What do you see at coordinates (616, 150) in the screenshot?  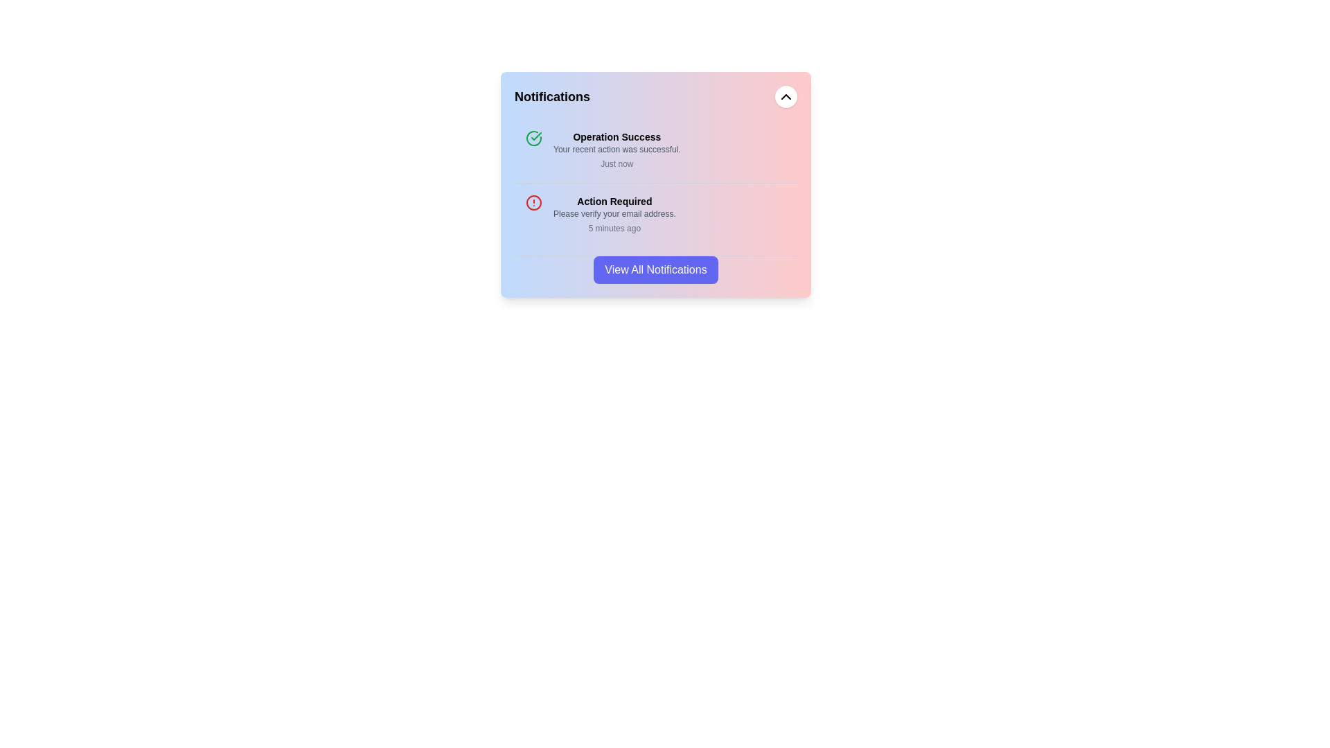 I see `the text label displaying 'Your recent action was successful.' which is located below the title 'Operation Success' in the notification box` at bounding box center [616, 150].